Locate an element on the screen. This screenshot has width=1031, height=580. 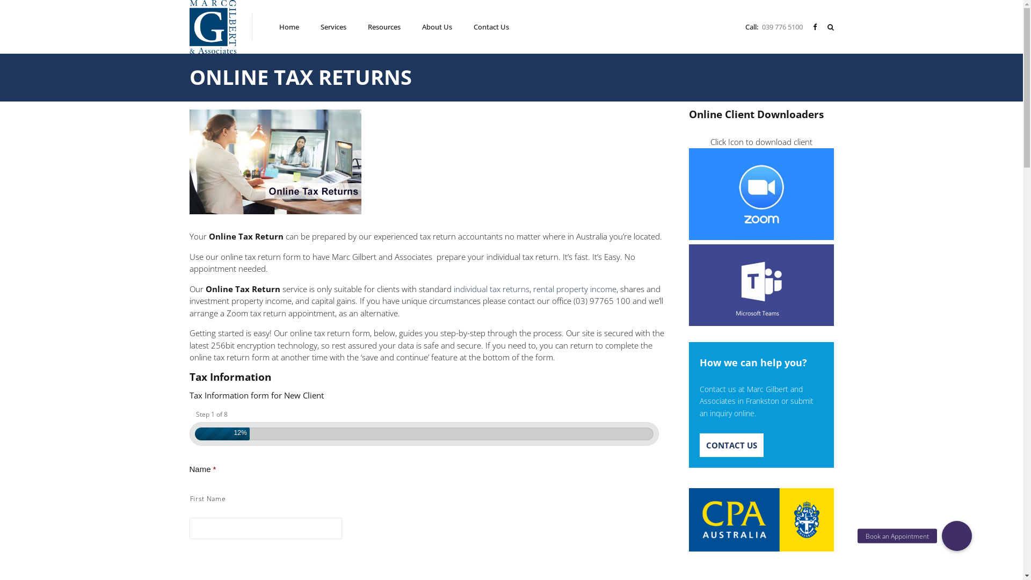
'OnlineReturns' is located at coordinates (275, 162).